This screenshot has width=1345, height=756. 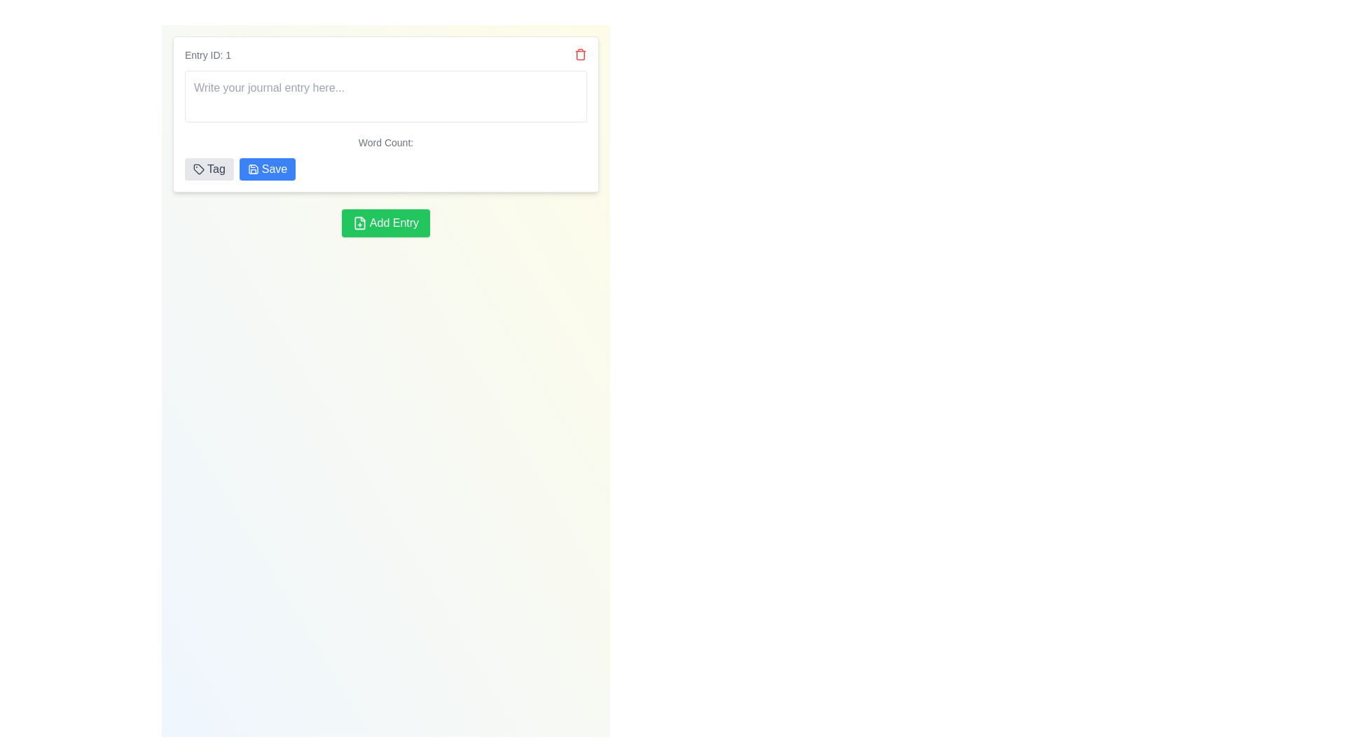 What do you see at coordinates (275, 169) in the screenshot?
I see `the 'Save' button label that indicates its purpose to save the current journal entry, located next to a floppy disk icon and adjacent to a 'Tag' button` at bounding box center [275, 169].